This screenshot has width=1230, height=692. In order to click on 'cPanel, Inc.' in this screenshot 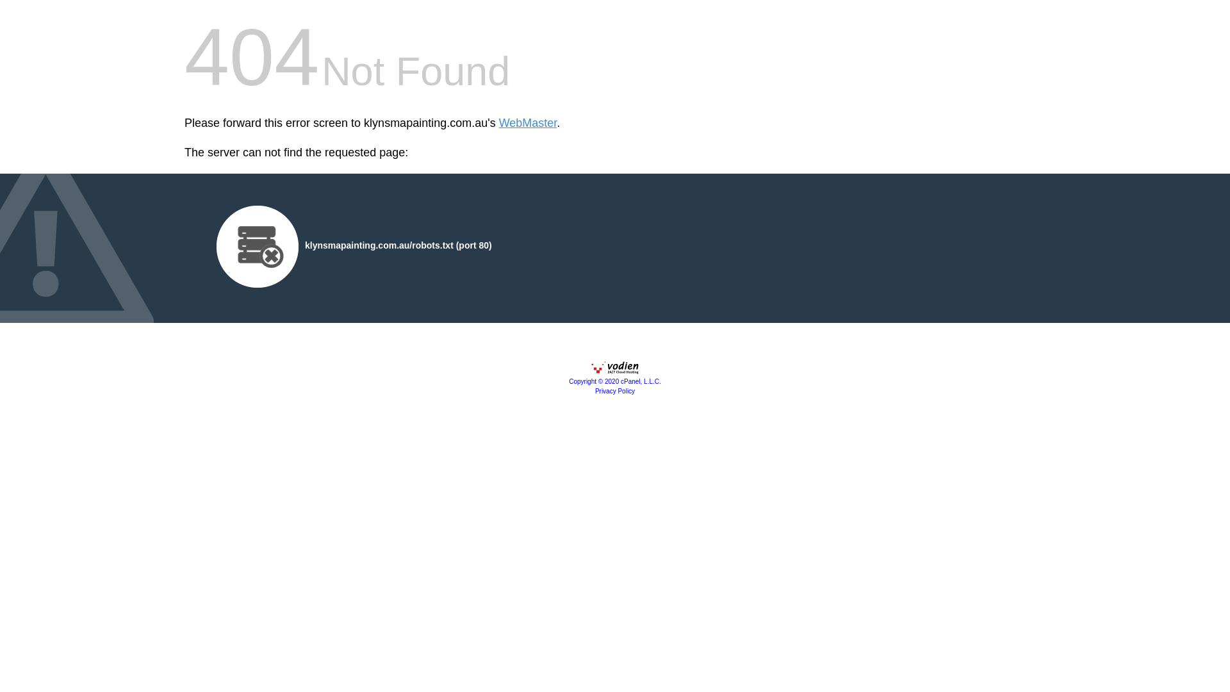, I will do `click(615, 370)`.